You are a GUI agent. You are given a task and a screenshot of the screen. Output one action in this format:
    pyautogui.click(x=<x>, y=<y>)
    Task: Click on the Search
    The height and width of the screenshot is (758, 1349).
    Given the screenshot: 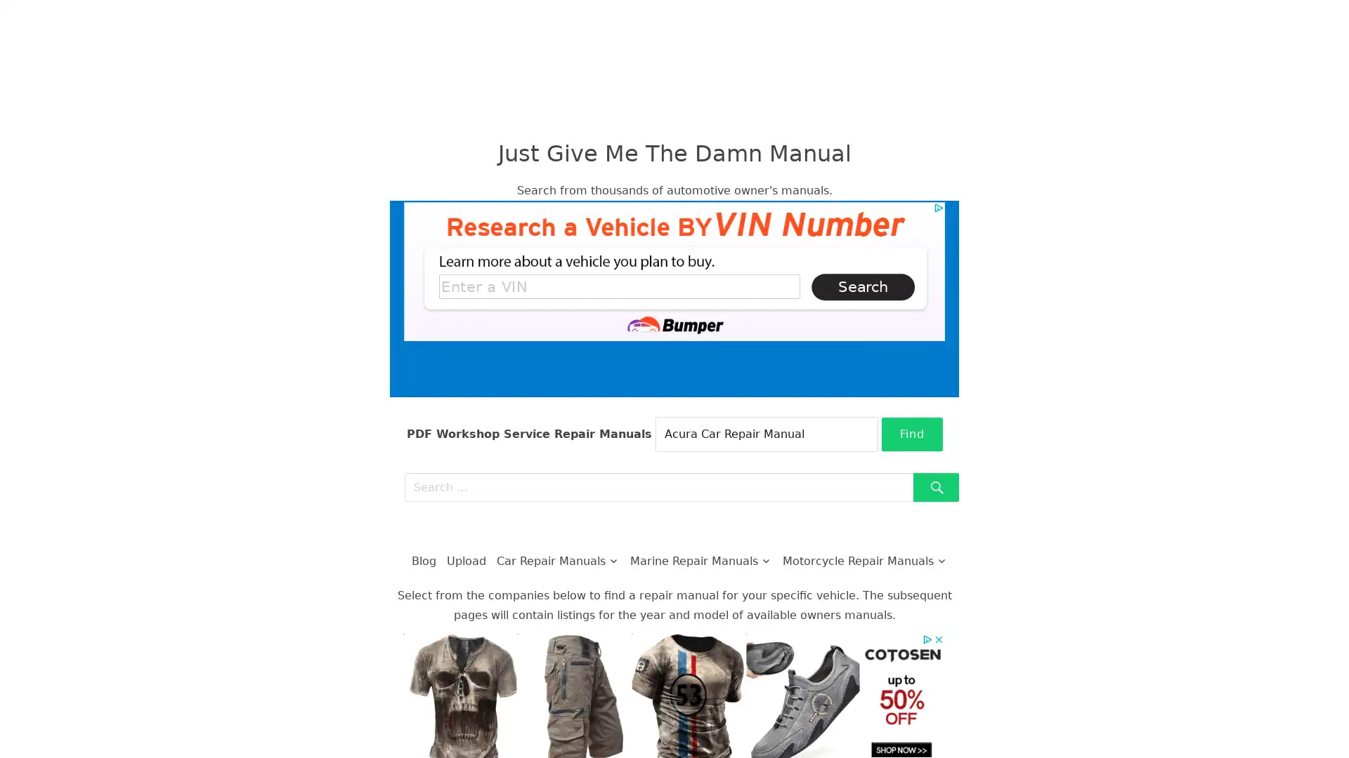 What is the action you would take?
    pyautogui.click(x=936, y=486)
    